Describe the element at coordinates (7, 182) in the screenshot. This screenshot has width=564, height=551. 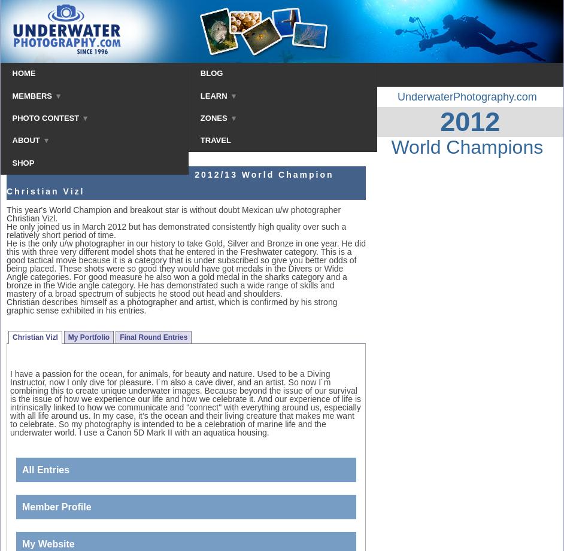
I see `'2012/13 World Champion Christian Vizl'` at that location.